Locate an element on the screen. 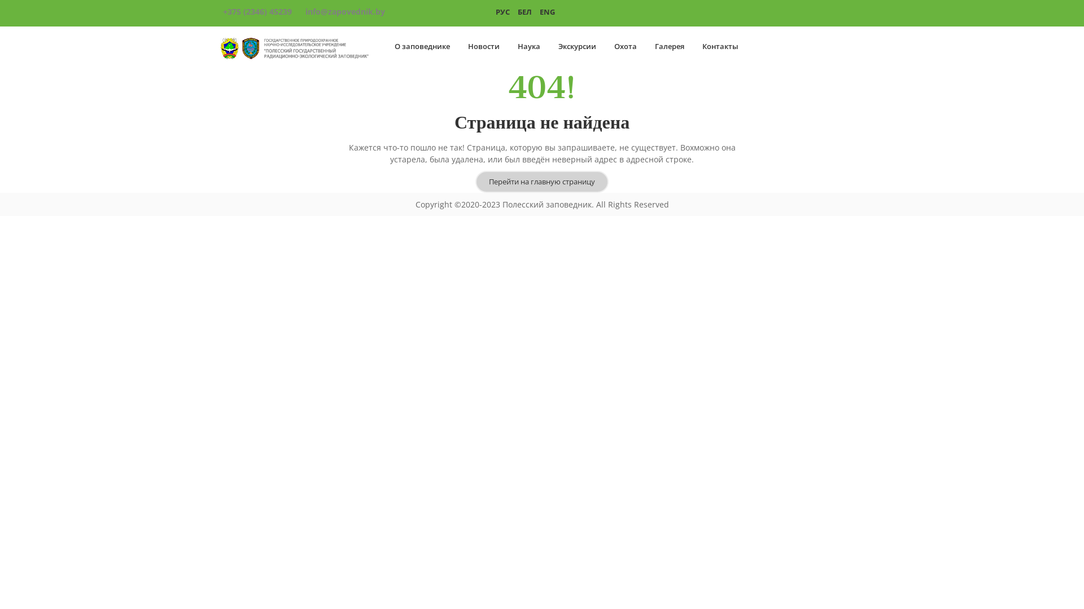 The image size is (1084, 609). 'Instagram' is located at coordinates (819, 12).